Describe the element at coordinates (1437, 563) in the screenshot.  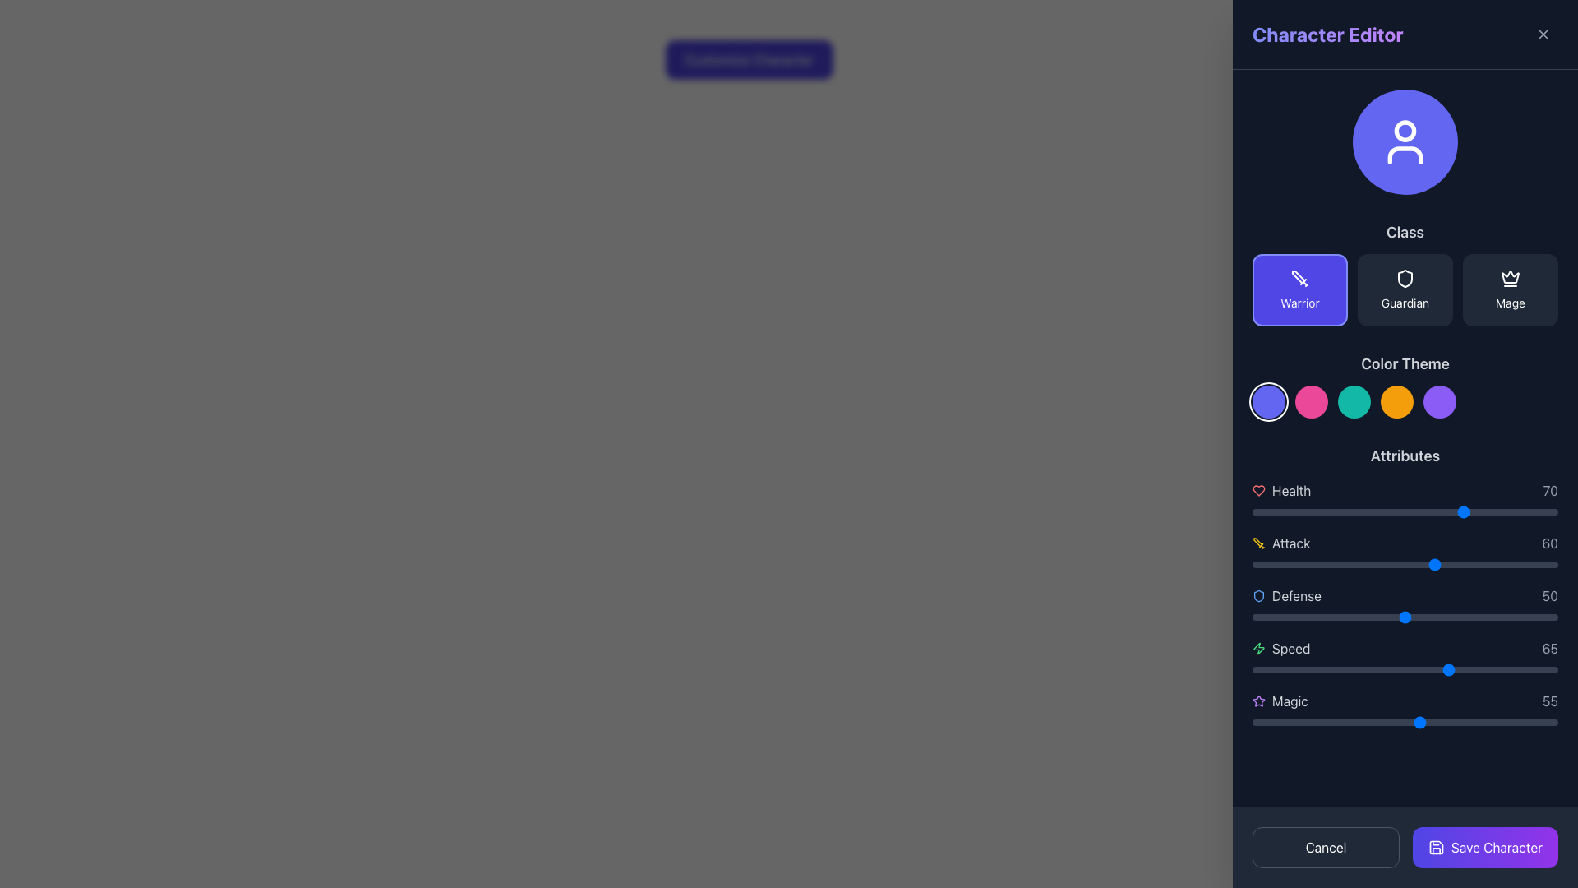
I see `the Attack attribute` at that location.